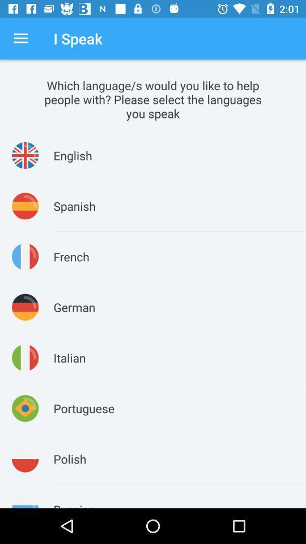 This screenshot has width=306, height=544. I want to click on app next to i speak icon, so click(20, 39).